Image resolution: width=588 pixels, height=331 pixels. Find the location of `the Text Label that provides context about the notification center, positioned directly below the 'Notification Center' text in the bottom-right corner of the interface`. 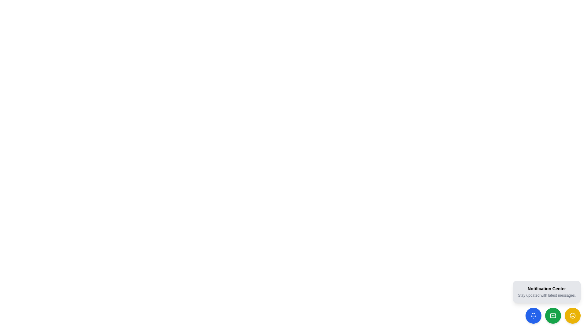

the Text Label that provides context about the notification center, positioned directly below the 'Notification Center' text in the bottom-right corner of the interface is located at coordinates (547, 295).